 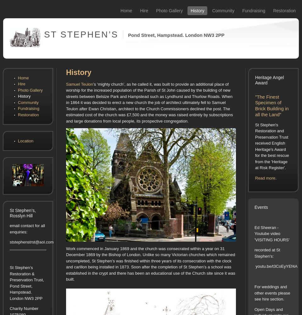 I want to click on '"The Finest Specimen of Brick Building in all the Land"', so click(x=255, y=105).